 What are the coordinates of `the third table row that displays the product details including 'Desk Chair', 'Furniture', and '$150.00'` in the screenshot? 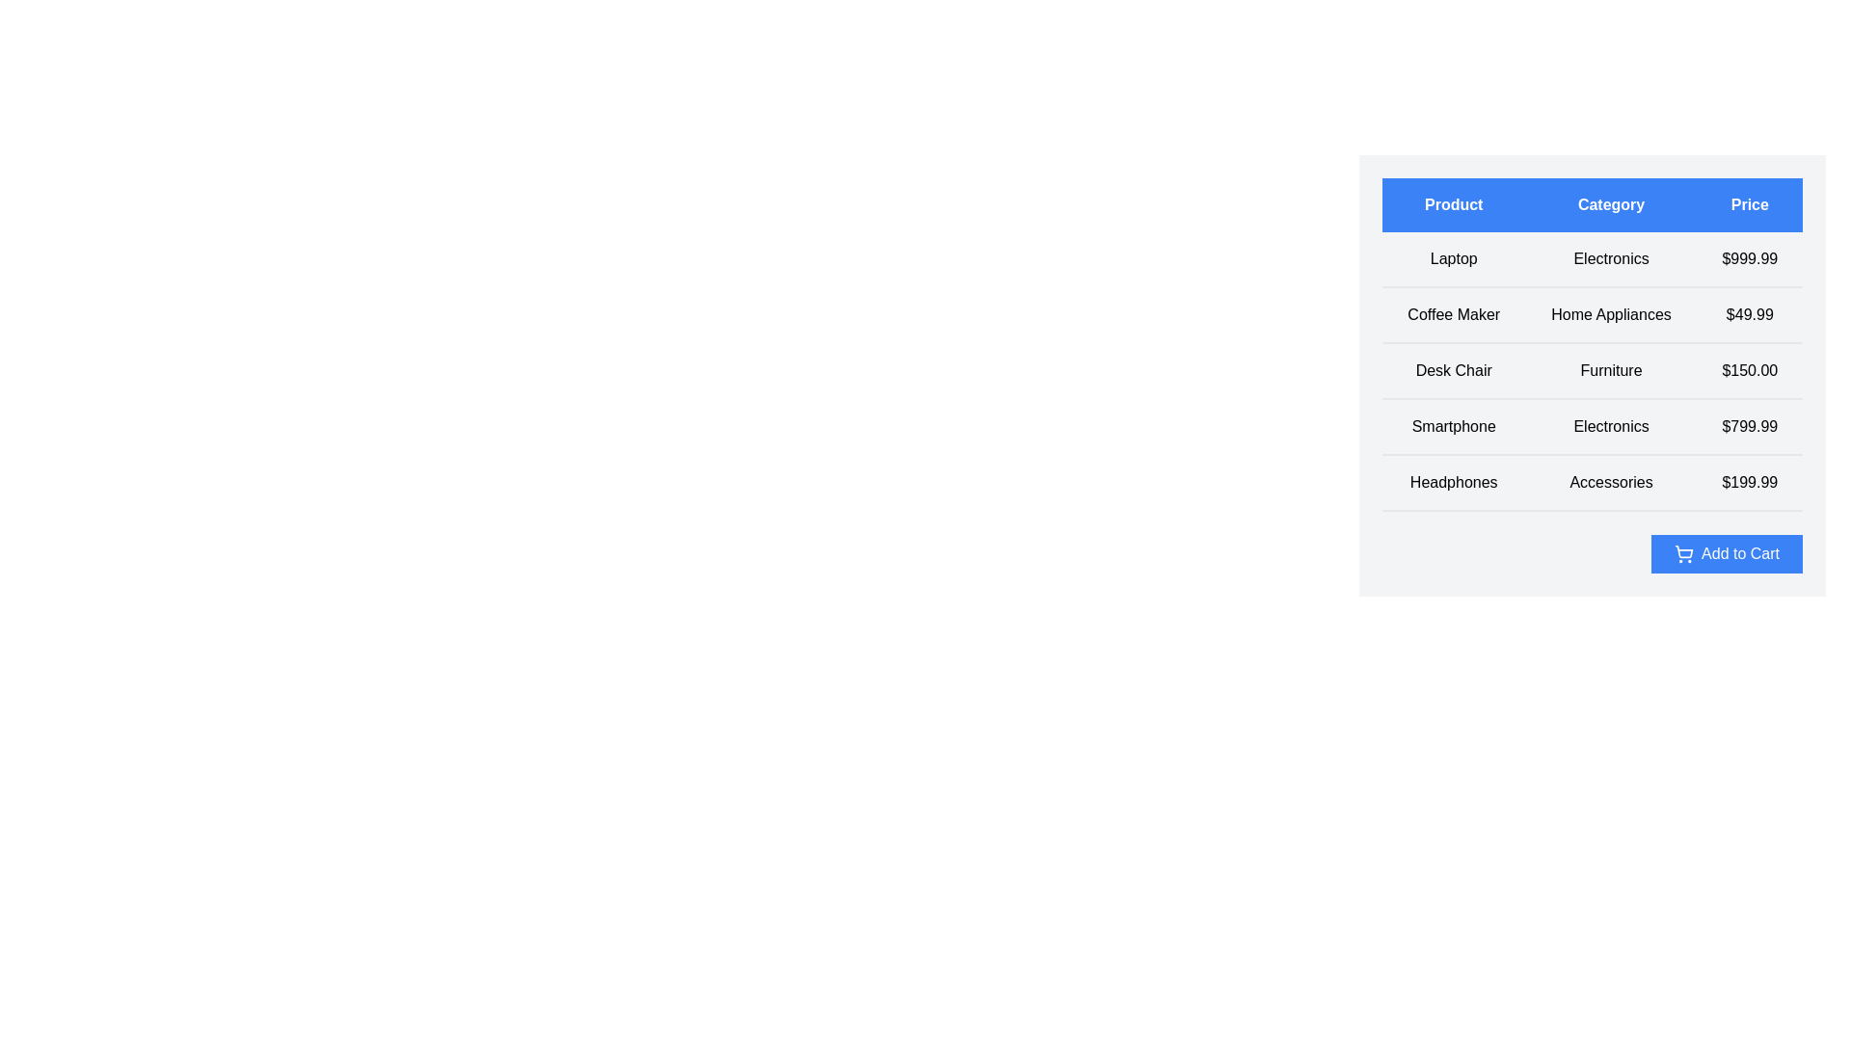 It's located at (1592, 371).